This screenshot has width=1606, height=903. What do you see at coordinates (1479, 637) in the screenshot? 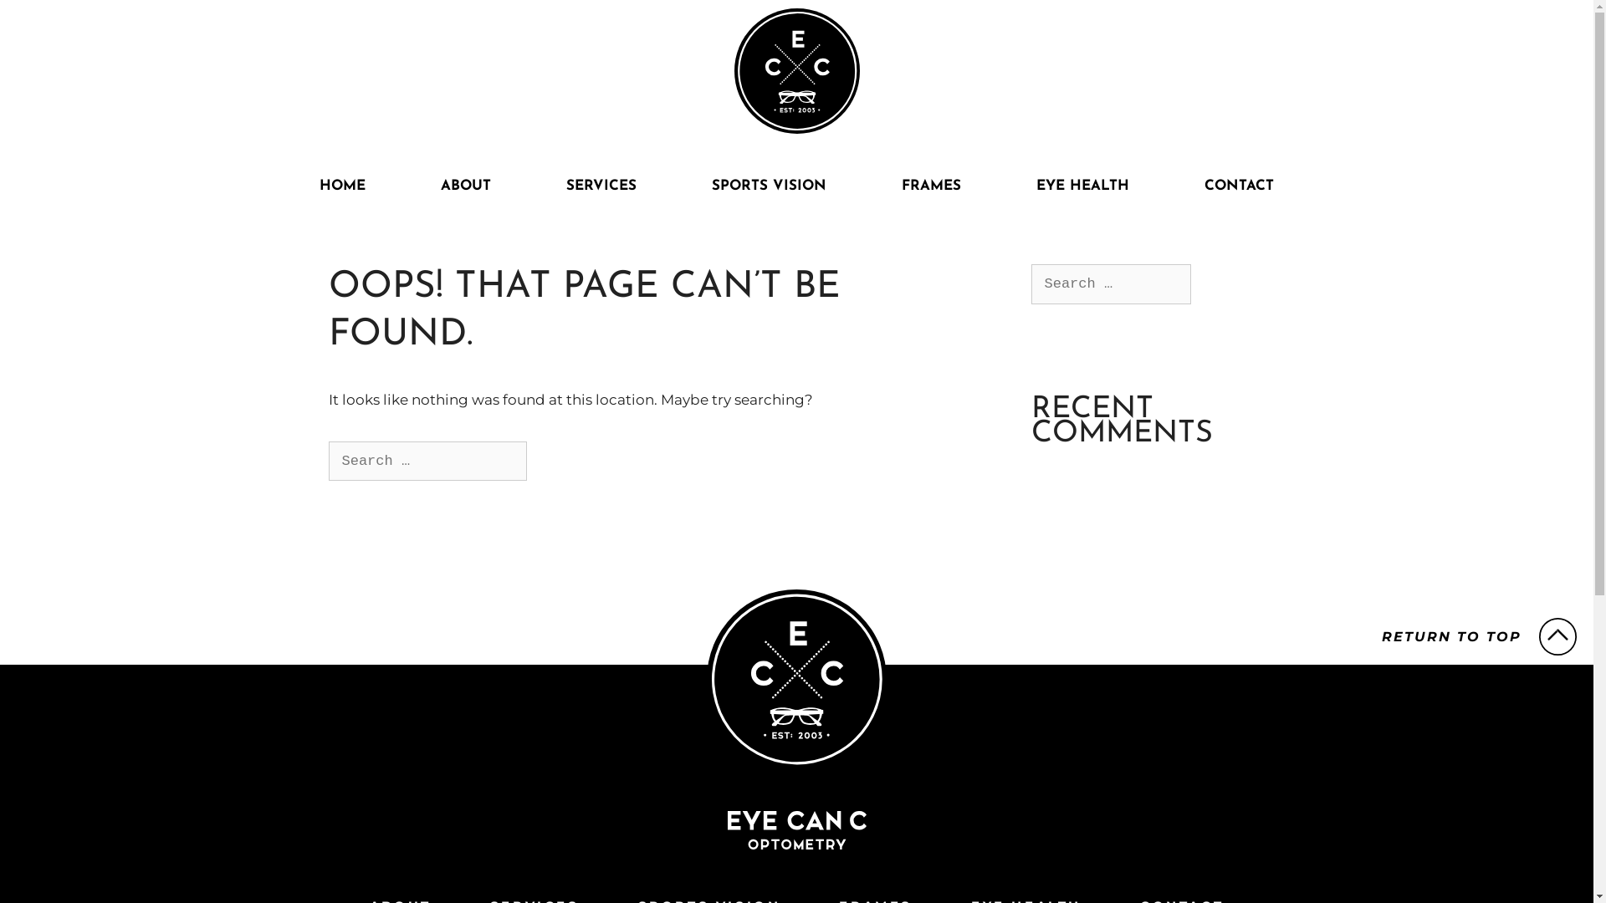
I see `'RETURN TO TOP'` at bounding box center [1479, 637].